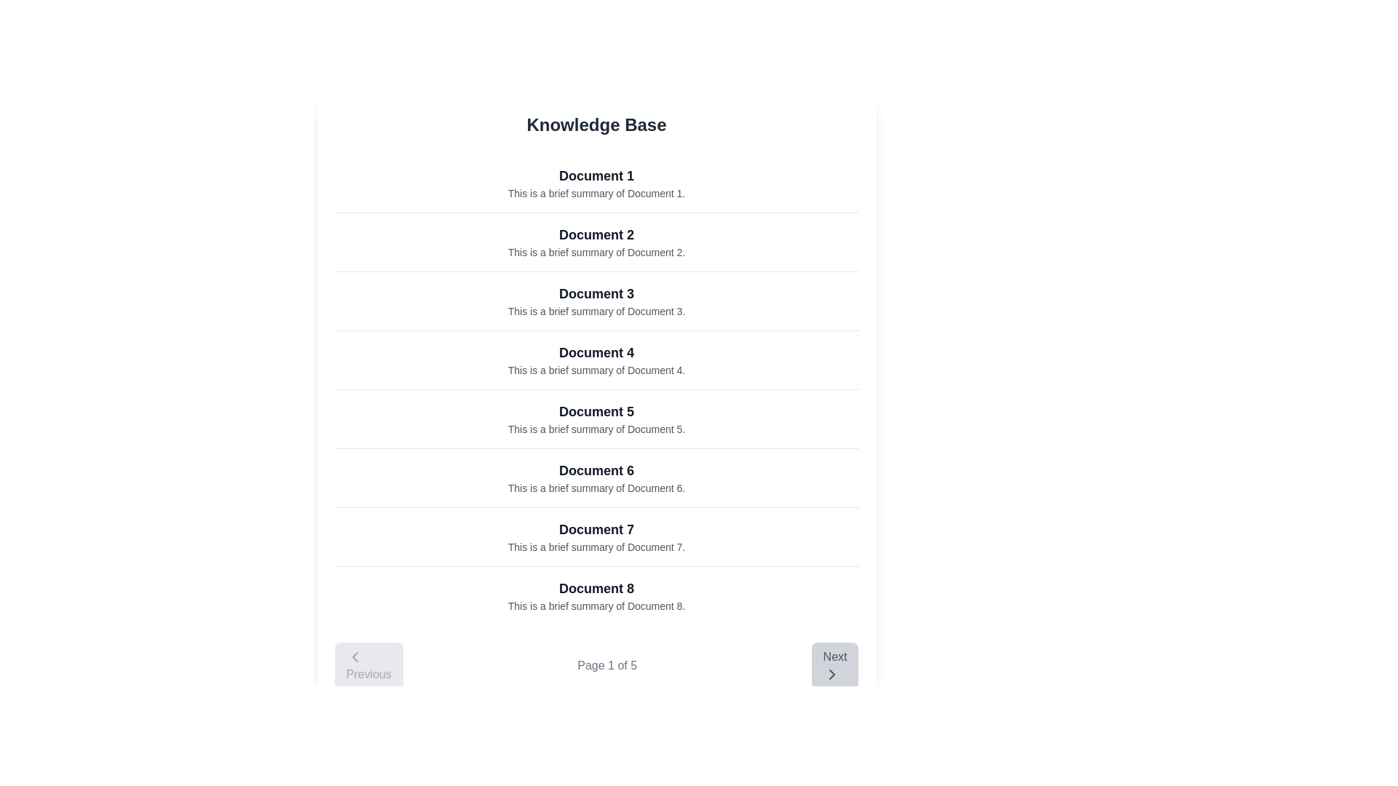 The height and width of the screenshot is (786, 1398). Describe the element at coordinates (835, 665) in the screenshot. I see `the button located at the bottom-right corner of the pagination bar, which facilitates navigation to the next page` at that location.